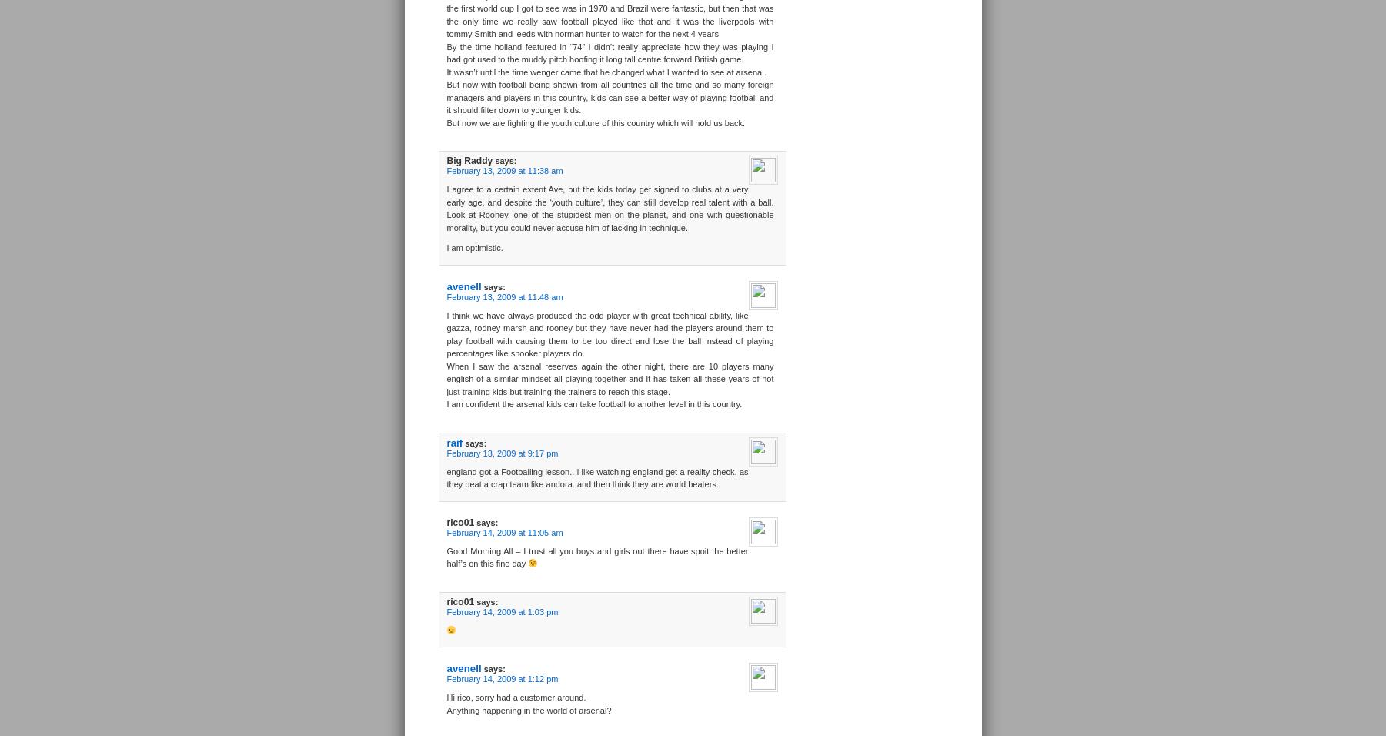 The image size is (1386, 736). Describe the element at coordinates (610, 207) in the screenshot. I see `'I agree to a certain extent Ave, but the kids today get signed to clubs at a very early age, and despite the ‘youth culture’, they can still develop real talent with a ball. Look at Rooney, one of the stupidest men on the planet, and one with questionable morality, but you could never accuse him of lacking in technique.'` at that location.